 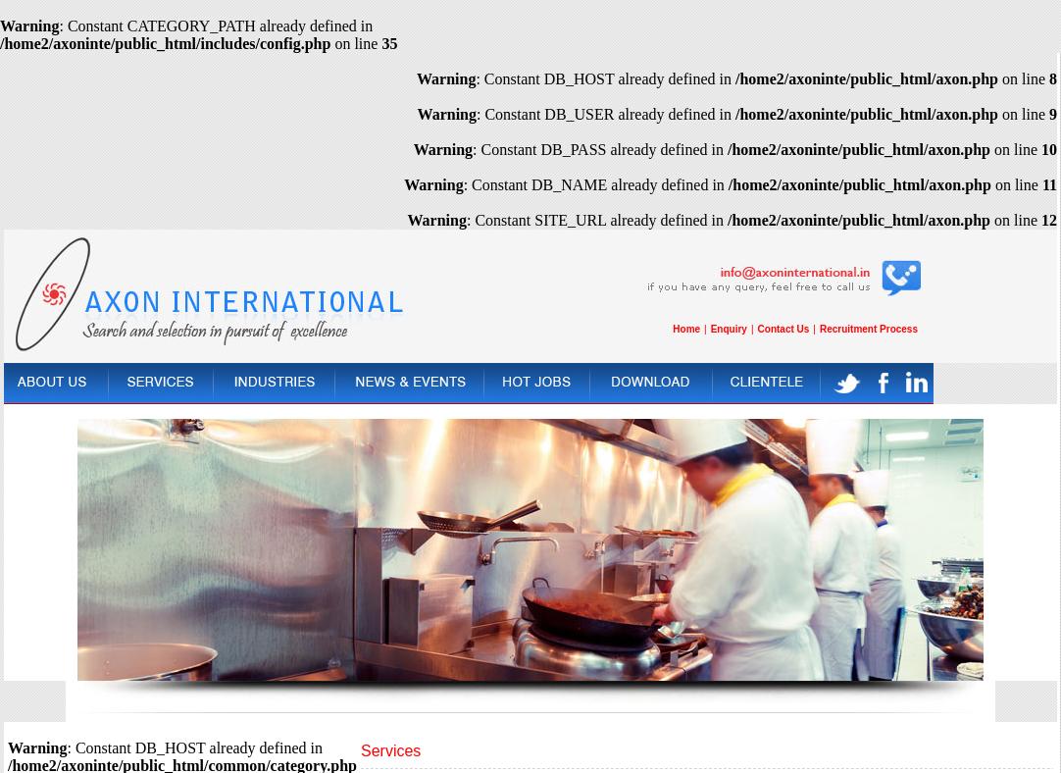 I want to click on 'Enquiry', so click(x=727, y=328).